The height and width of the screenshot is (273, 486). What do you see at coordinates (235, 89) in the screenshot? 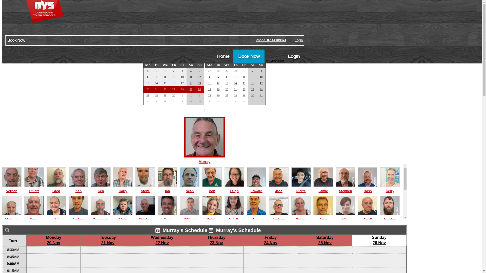
I see `'21'` at bounding box center [235, 89].